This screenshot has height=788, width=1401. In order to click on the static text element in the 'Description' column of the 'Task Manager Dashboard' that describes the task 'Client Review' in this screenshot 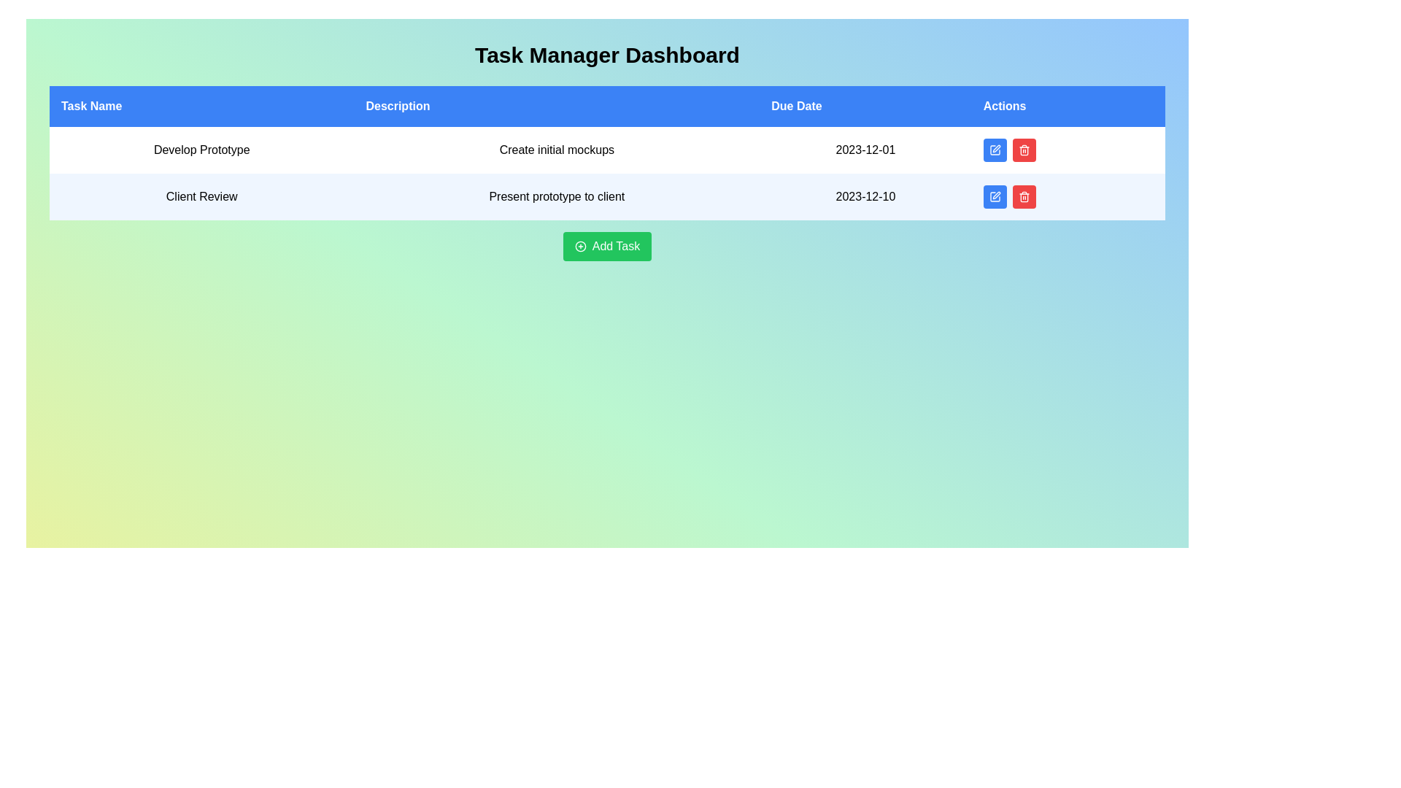, I will do `click(556, 197)`.